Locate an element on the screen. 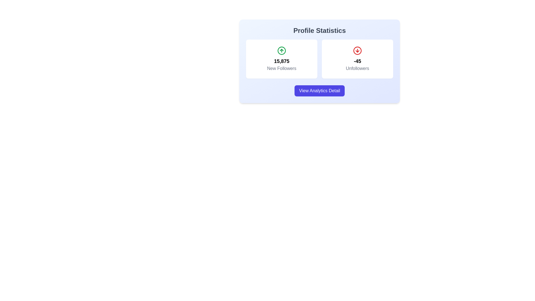 The width and height of the screenshot is (535, 301). the 'View Analytics Detail' button using keyboard navigation within the 'Profile Statistics' section is located at coordinates (320, 91).